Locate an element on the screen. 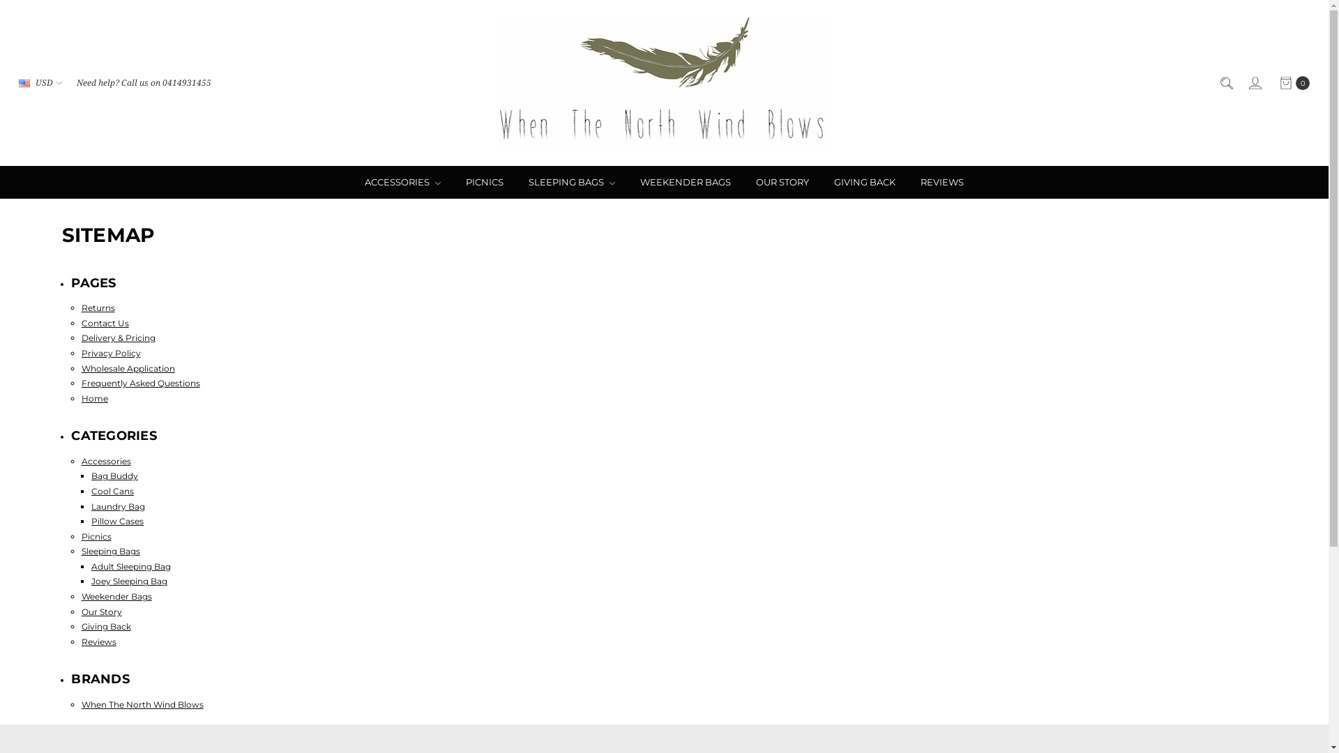 Image resolution: width=1339 pixels, height=753 pixels. 'Returns' is located at coordinates (97, 307).